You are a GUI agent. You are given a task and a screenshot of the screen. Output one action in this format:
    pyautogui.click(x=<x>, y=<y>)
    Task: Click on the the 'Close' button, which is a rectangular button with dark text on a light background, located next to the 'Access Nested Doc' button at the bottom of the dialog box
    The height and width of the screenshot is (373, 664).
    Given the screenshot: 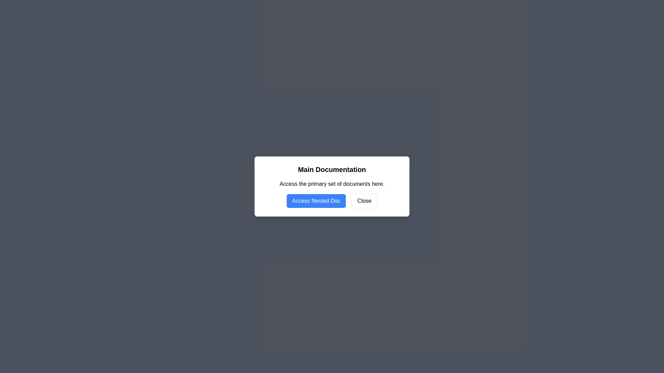 What is the action you would take?
    pyautogui.click(x=364, y=201)
    